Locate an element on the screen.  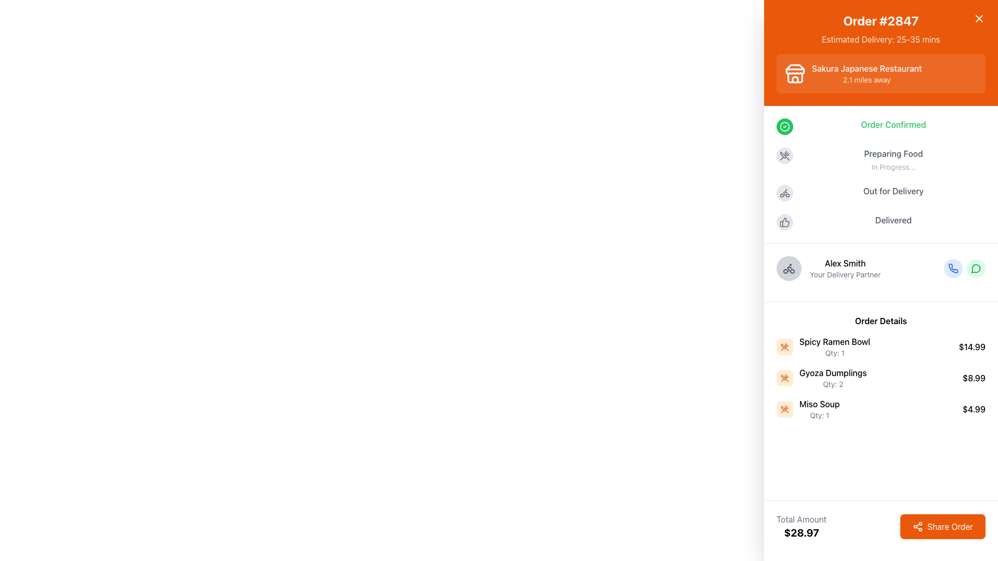
the Close Button (SVG icon) located at the top-right corner of the interface, adjacent to 'Order #2847' is located at coordinates (978, 18).